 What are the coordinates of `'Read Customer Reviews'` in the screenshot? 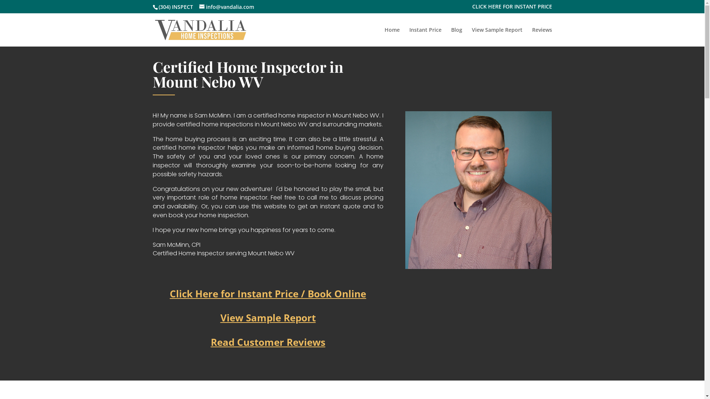 It's located at (267, 342).